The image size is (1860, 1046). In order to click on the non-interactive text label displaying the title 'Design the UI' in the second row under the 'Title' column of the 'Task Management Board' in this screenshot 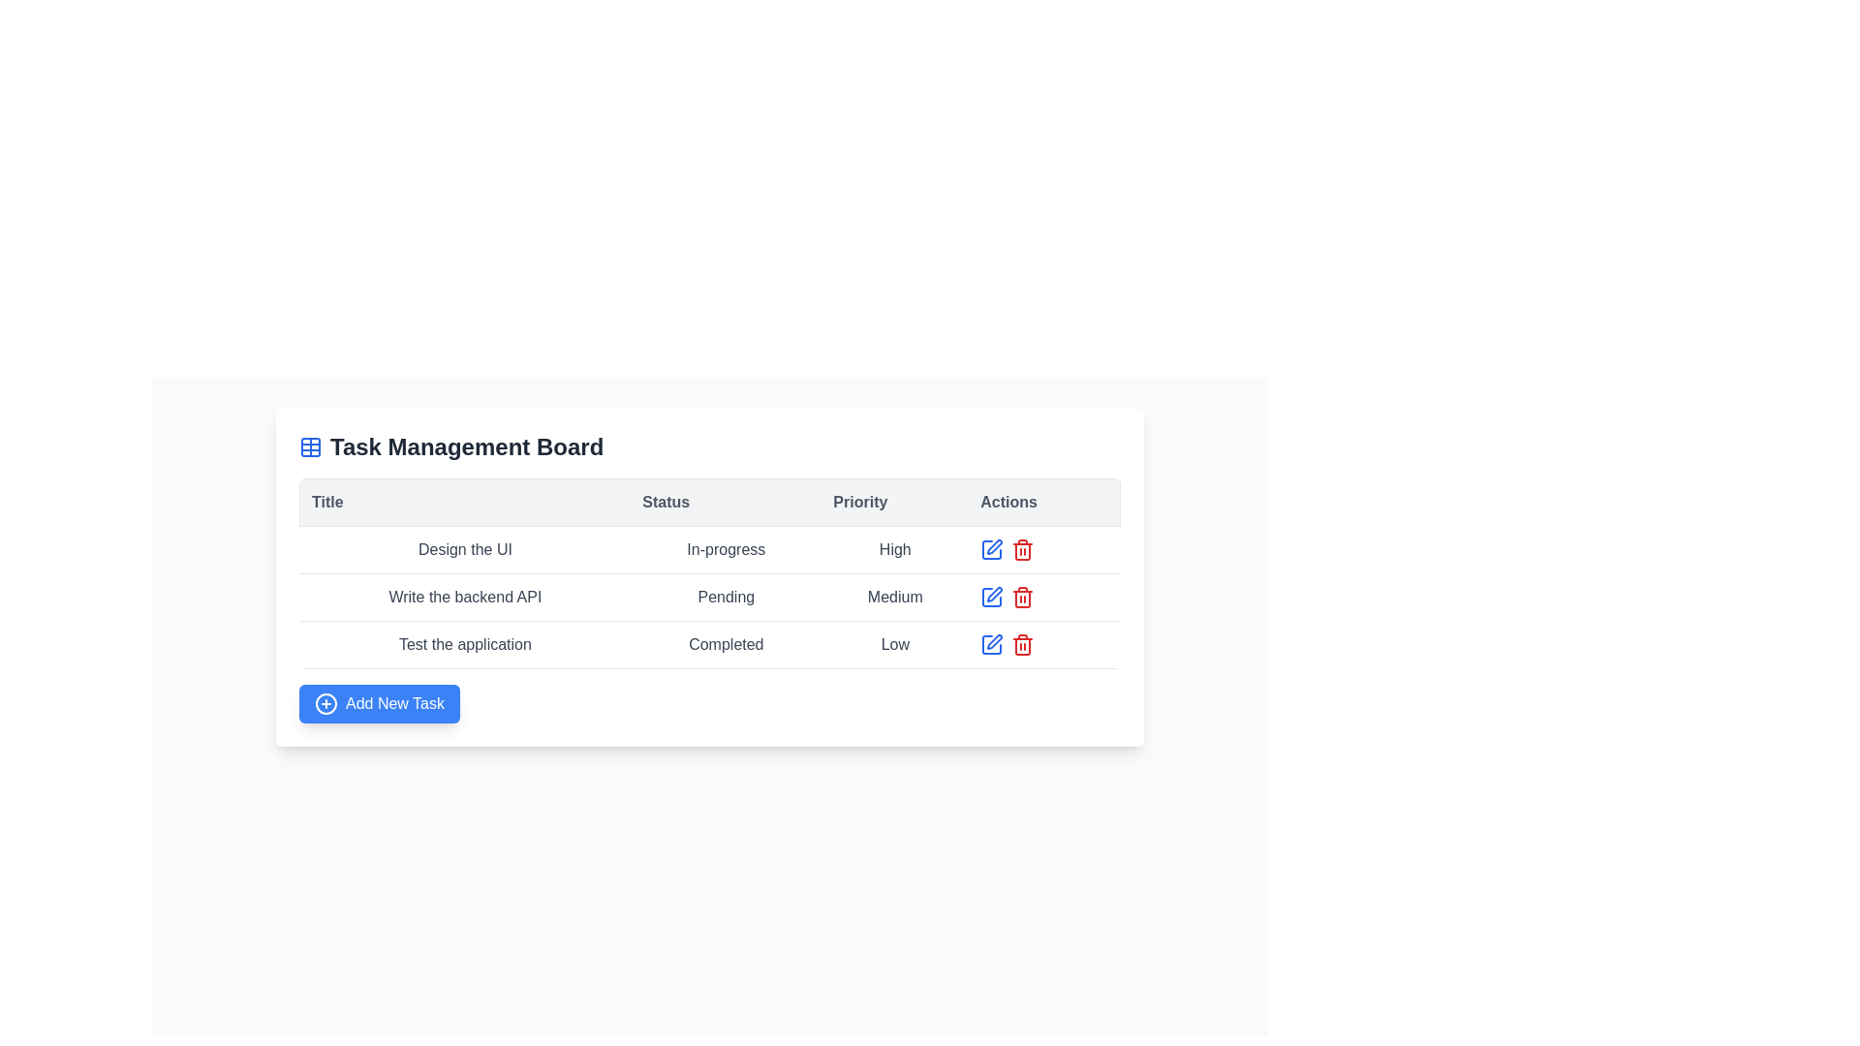, I will do `click(465, 549)`.